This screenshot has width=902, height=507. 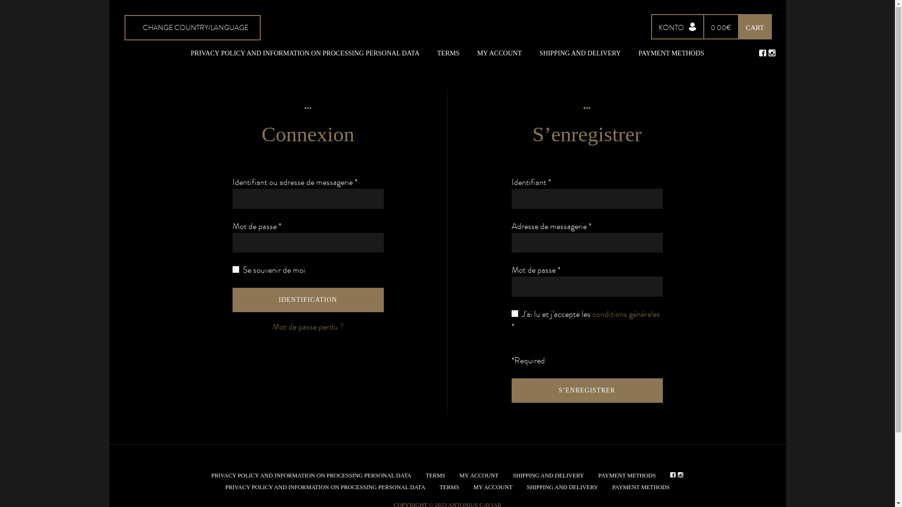 I want to click on 'PAYMENT METHODS', so click(x=612, y=486).